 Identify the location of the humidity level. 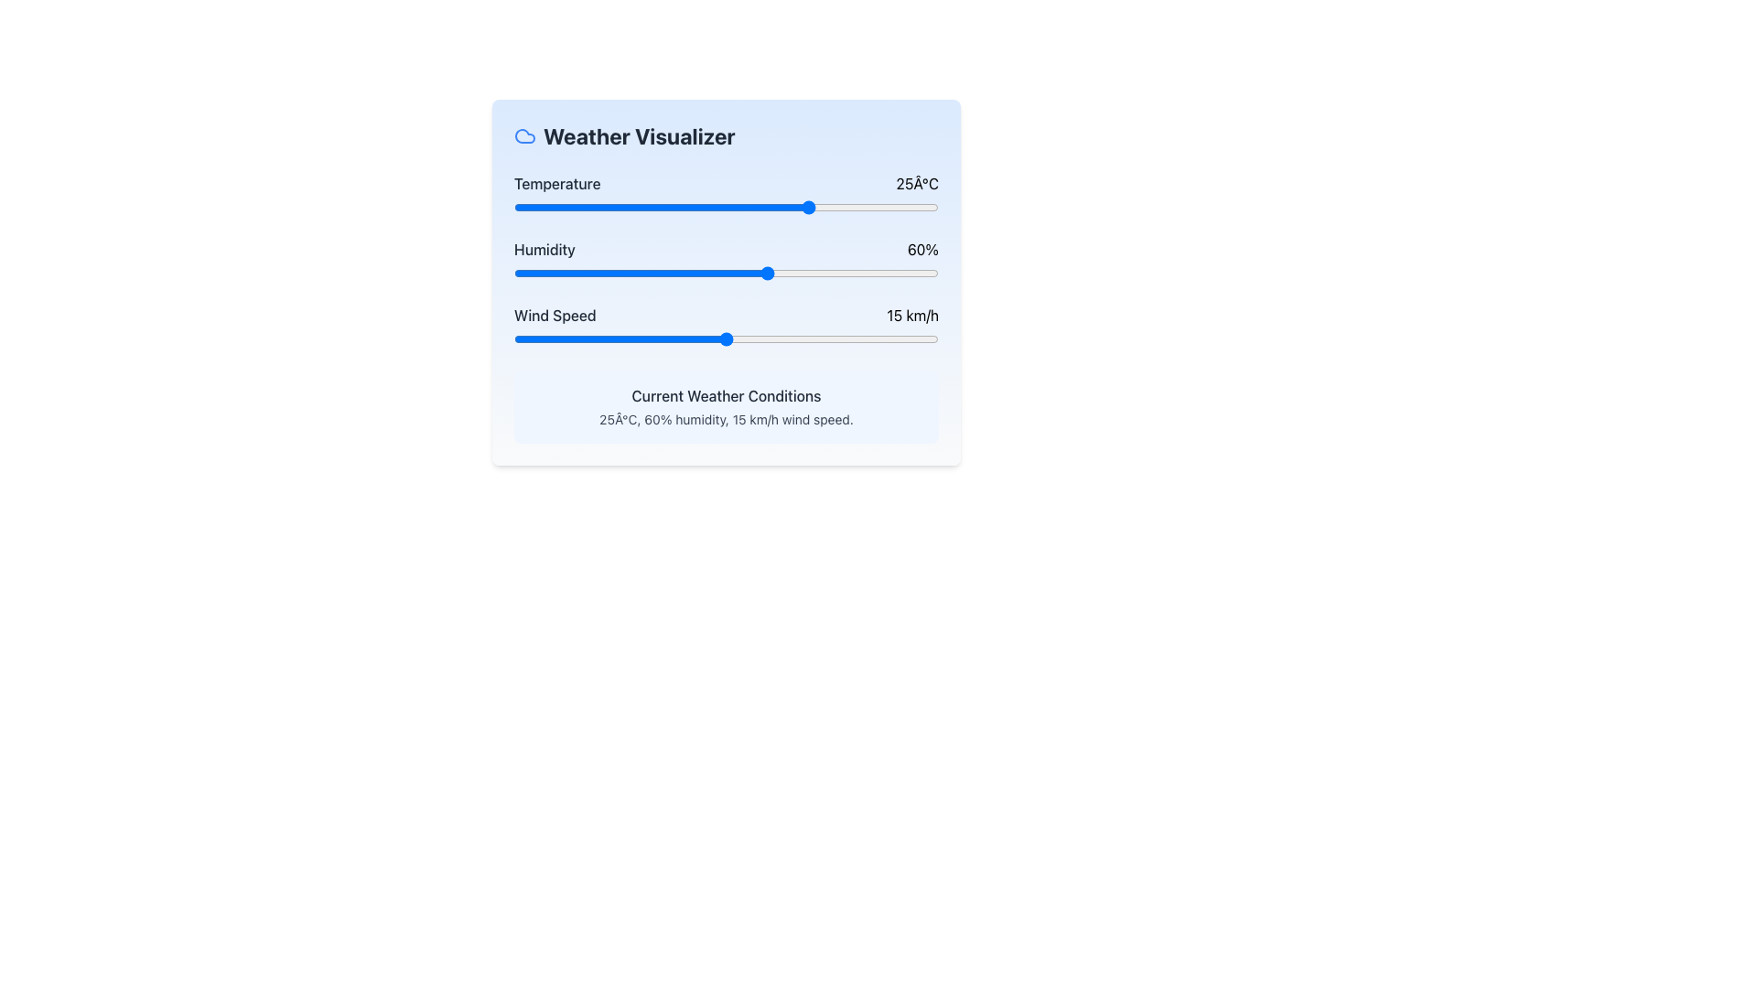
(666, 274).